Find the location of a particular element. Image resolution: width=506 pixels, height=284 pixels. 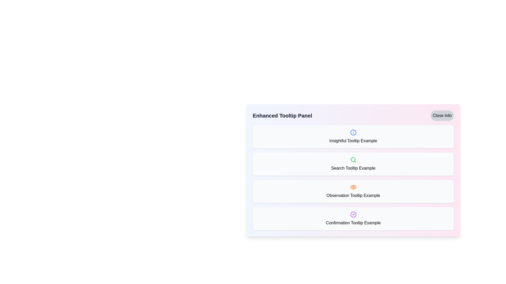

the text label displaying 'Observation Tooltip Example', which is the third item in a vertical stack of similar elements is located at coordinates (353, 196).